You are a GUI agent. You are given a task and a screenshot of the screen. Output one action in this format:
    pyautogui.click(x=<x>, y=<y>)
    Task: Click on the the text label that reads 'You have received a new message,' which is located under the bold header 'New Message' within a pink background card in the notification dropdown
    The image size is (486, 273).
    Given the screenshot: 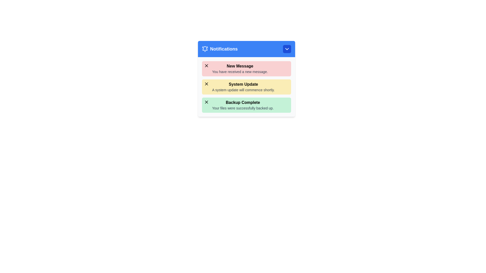 What is the action you would take?
    pyautogui.click(x=240, y=72)
    